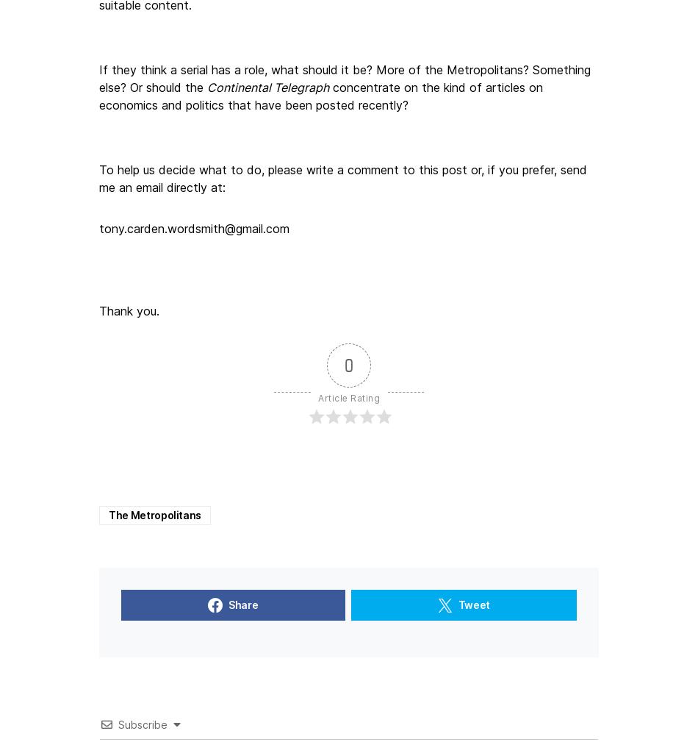 This screenshot has width=698, height=742. What do you see at coordinates (267, 85) in the screenshot?
I see `'Continental Telegraph'` at bounding box center [267, 85].